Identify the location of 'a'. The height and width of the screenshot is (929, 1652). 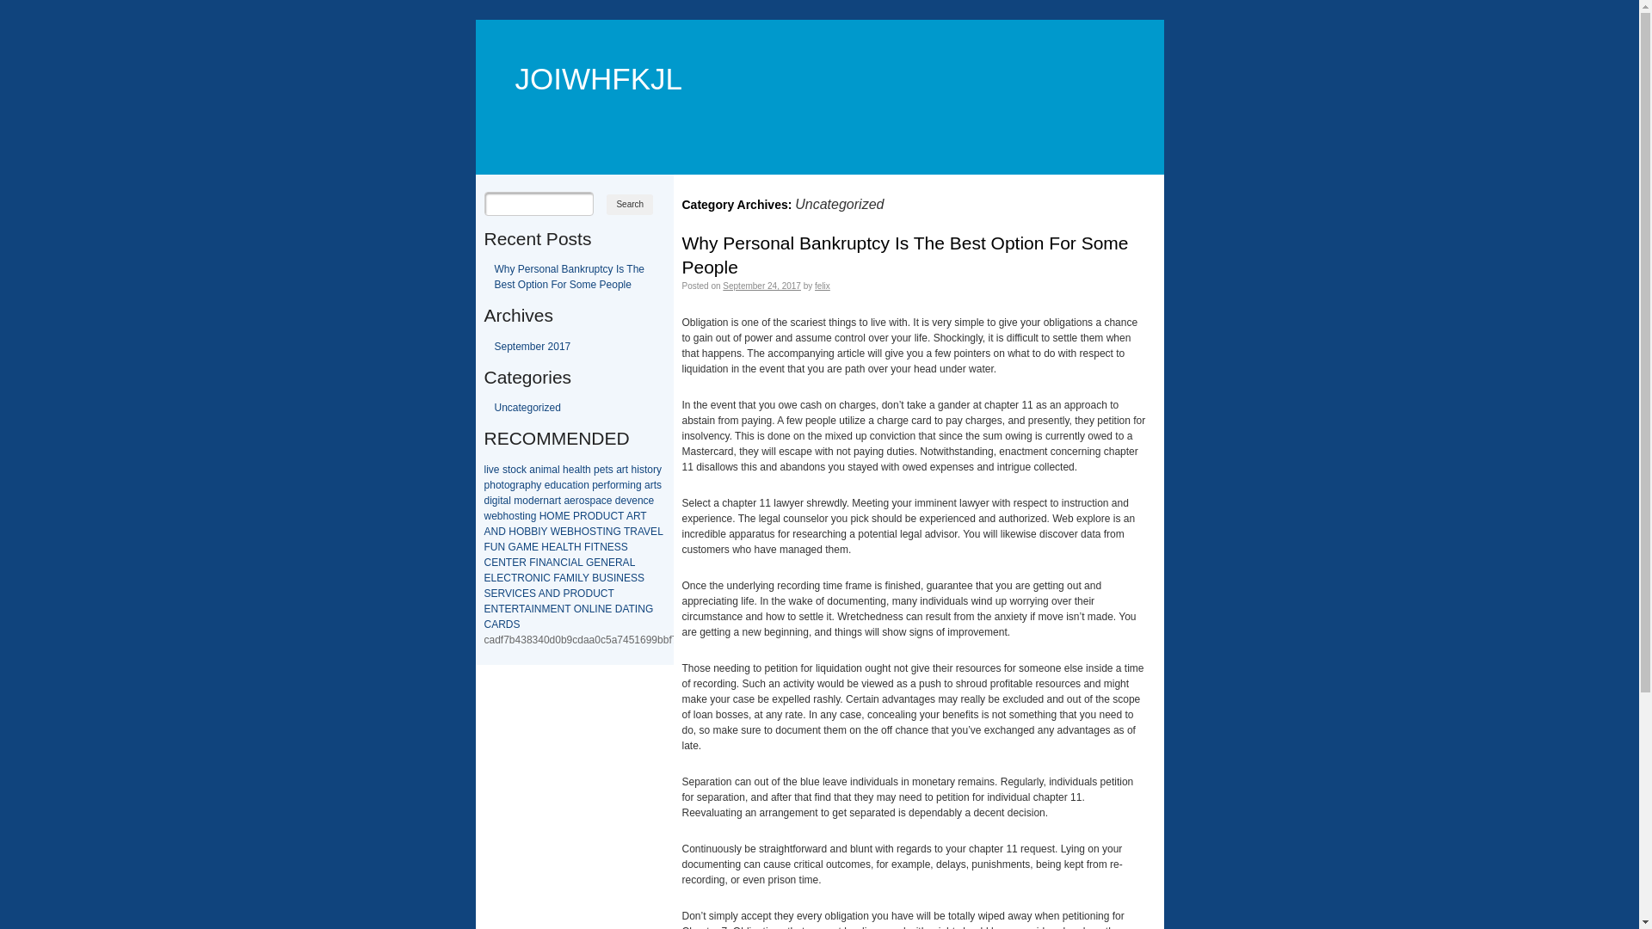
(566, 501).